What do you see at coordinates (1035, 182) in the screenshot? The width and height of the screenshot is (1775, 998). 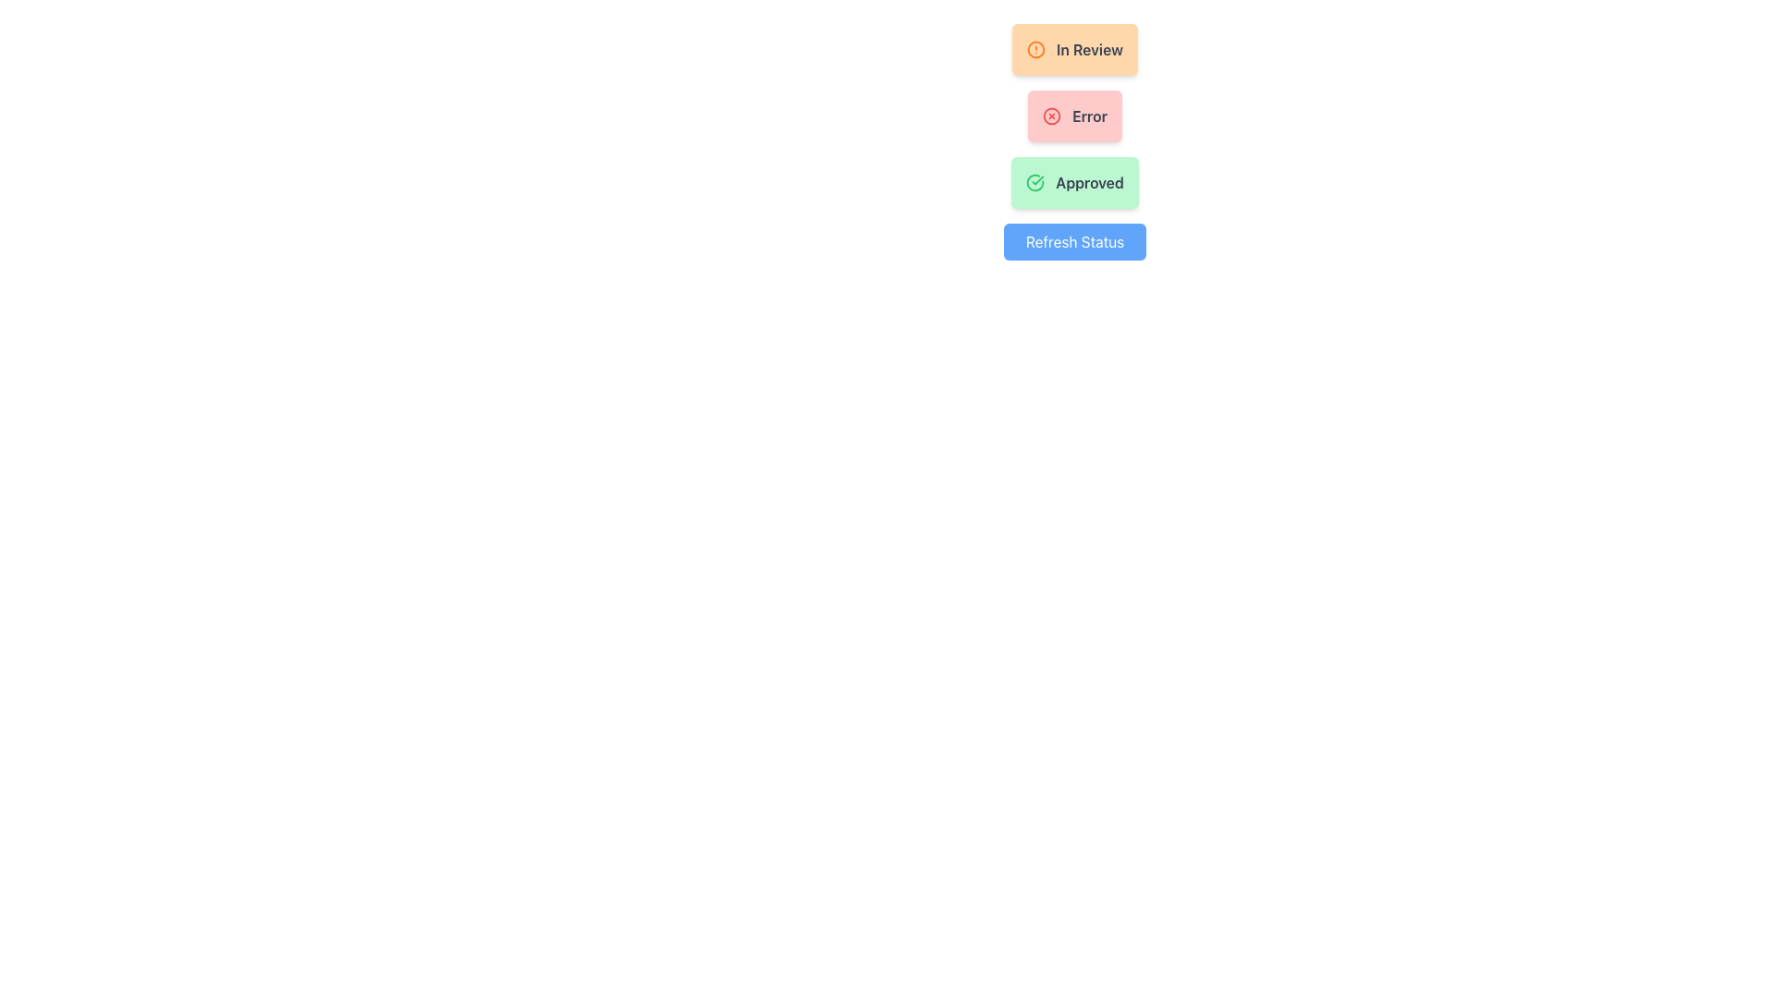 I see `attributes of the circular SVG graphic representing a partial circular arc, which is part of the 'Approved' status button, located to the left of the text label 'Approved'` at bounding box center [1035, 182].